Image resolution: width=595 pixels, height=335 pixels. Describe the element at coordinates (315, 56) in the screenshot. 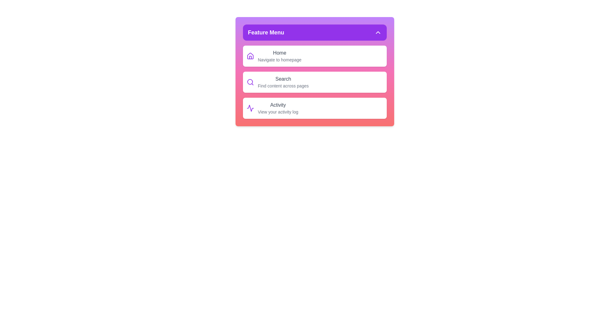

I see `the menu item Home by clicking on it` at that location.